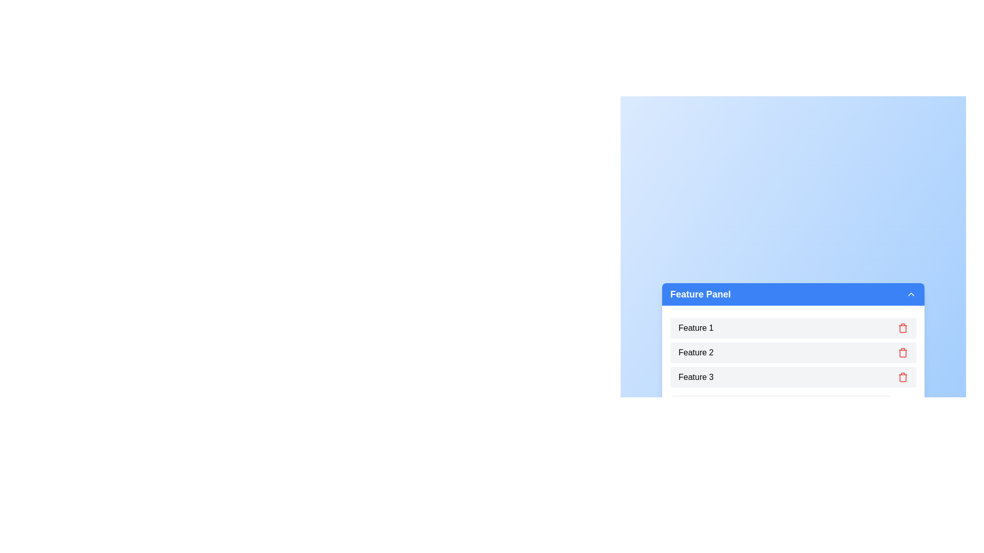  Describe the element at coordinates (911, 294) in the screenshot. I see `the Icon button with a downward-pointing chevron, styled in white on a blue background, located at the top-right corner of the 'Feature Panel'` at that location.